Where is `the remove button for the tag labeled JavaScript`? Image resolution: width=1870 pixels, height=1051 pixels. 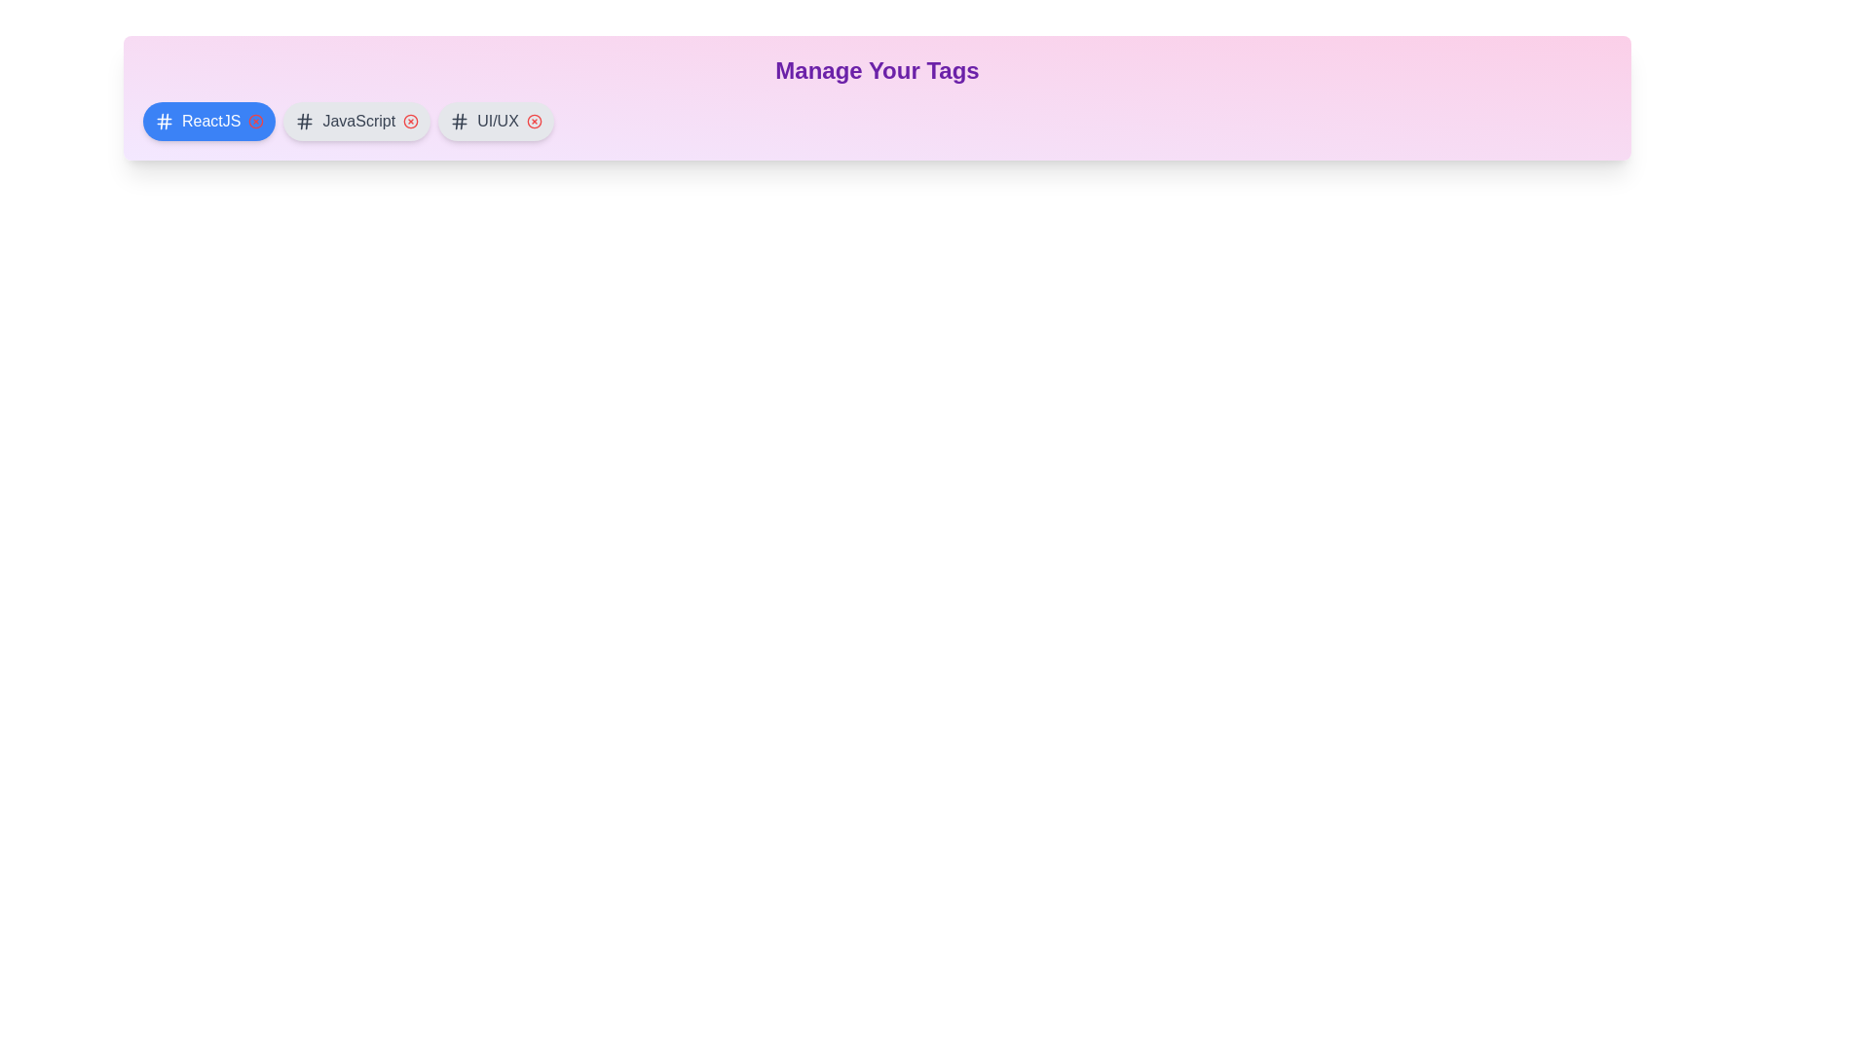 the remove button for the tag labeled JavaScript is located at coordinates (410, 121).